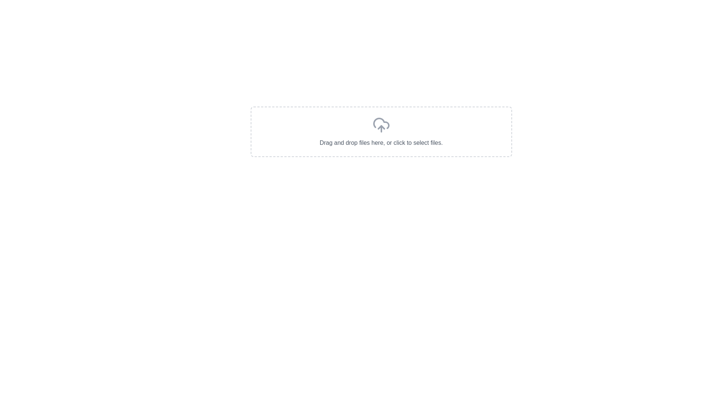 Image resolution: width=713 pixels, height=401 pixels. What do you see at coordinates (381, 131) in the screenshot?
I see `the Dropzone area that features a cloud icon with an upward arrow and the text 'Drag and drop files here, or click to select files.'` at bounding box center [381, 131].